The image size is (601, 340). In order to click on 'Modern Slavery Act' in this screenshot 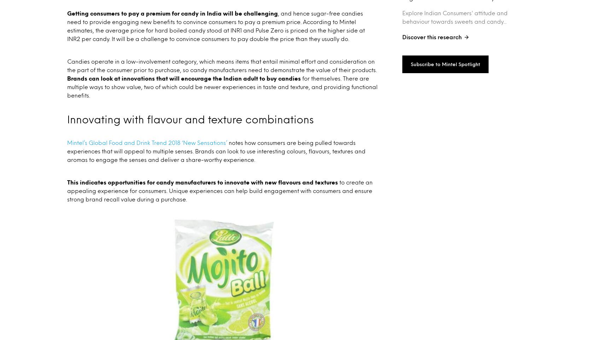, I will do `click(488, 255)`.